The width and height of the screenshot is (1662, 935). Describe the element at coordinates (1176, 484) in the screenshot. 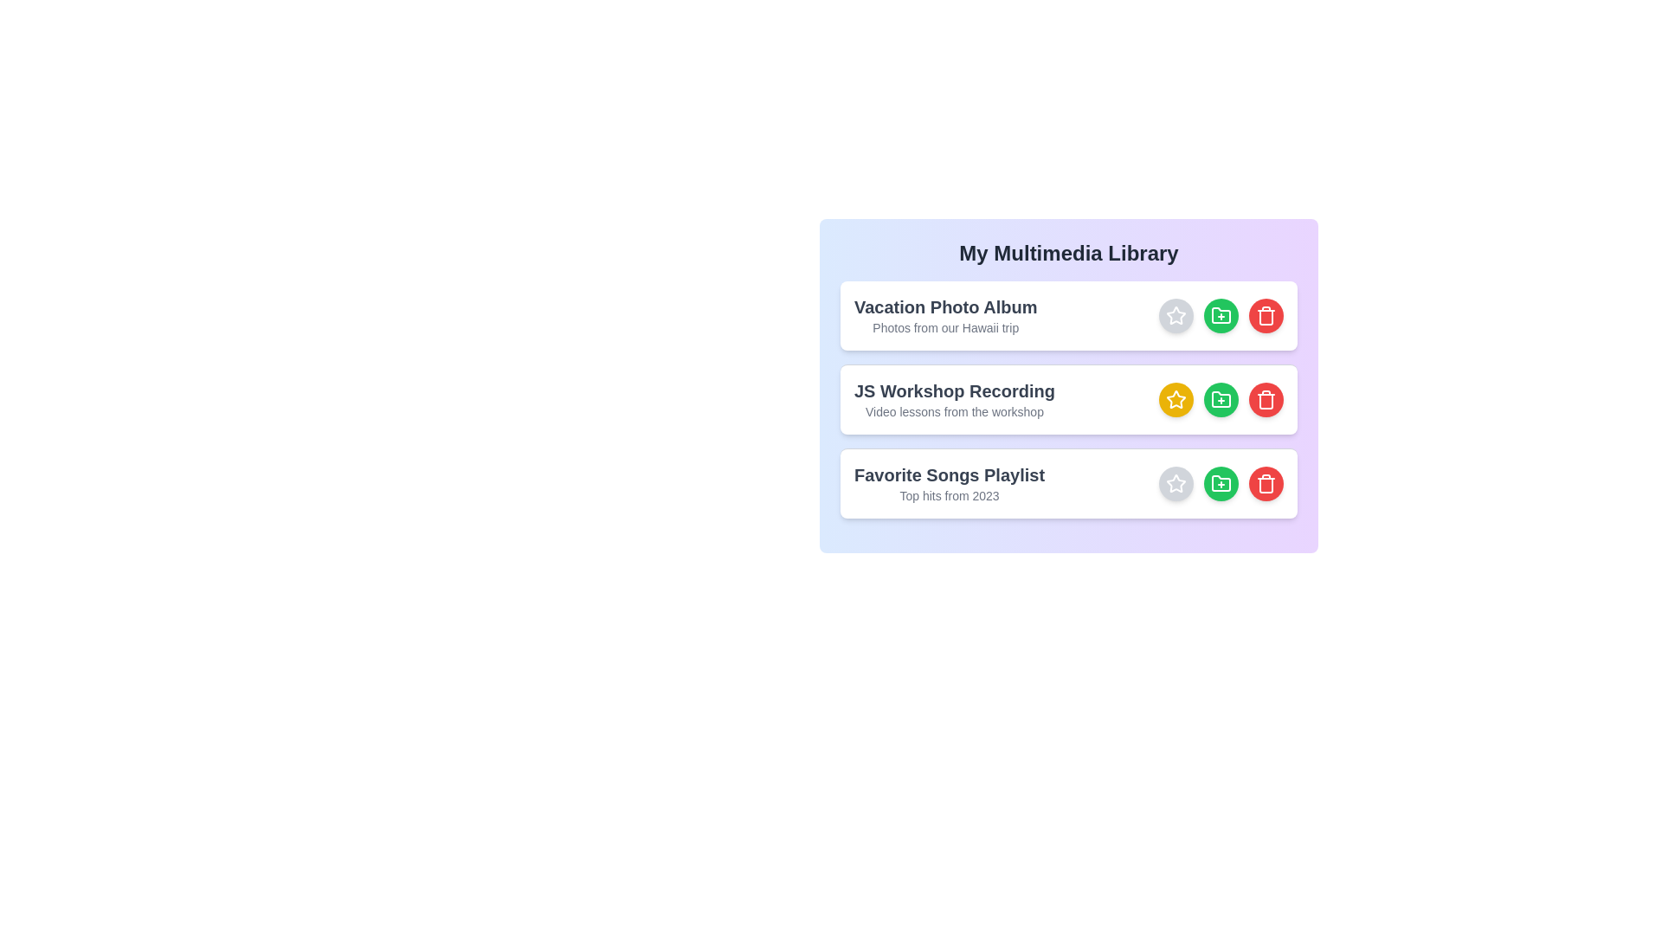

I see `the 'Favorite' button located in the 'Favorite Songs Playlist' section to mark the playlist as favorite` at that location.